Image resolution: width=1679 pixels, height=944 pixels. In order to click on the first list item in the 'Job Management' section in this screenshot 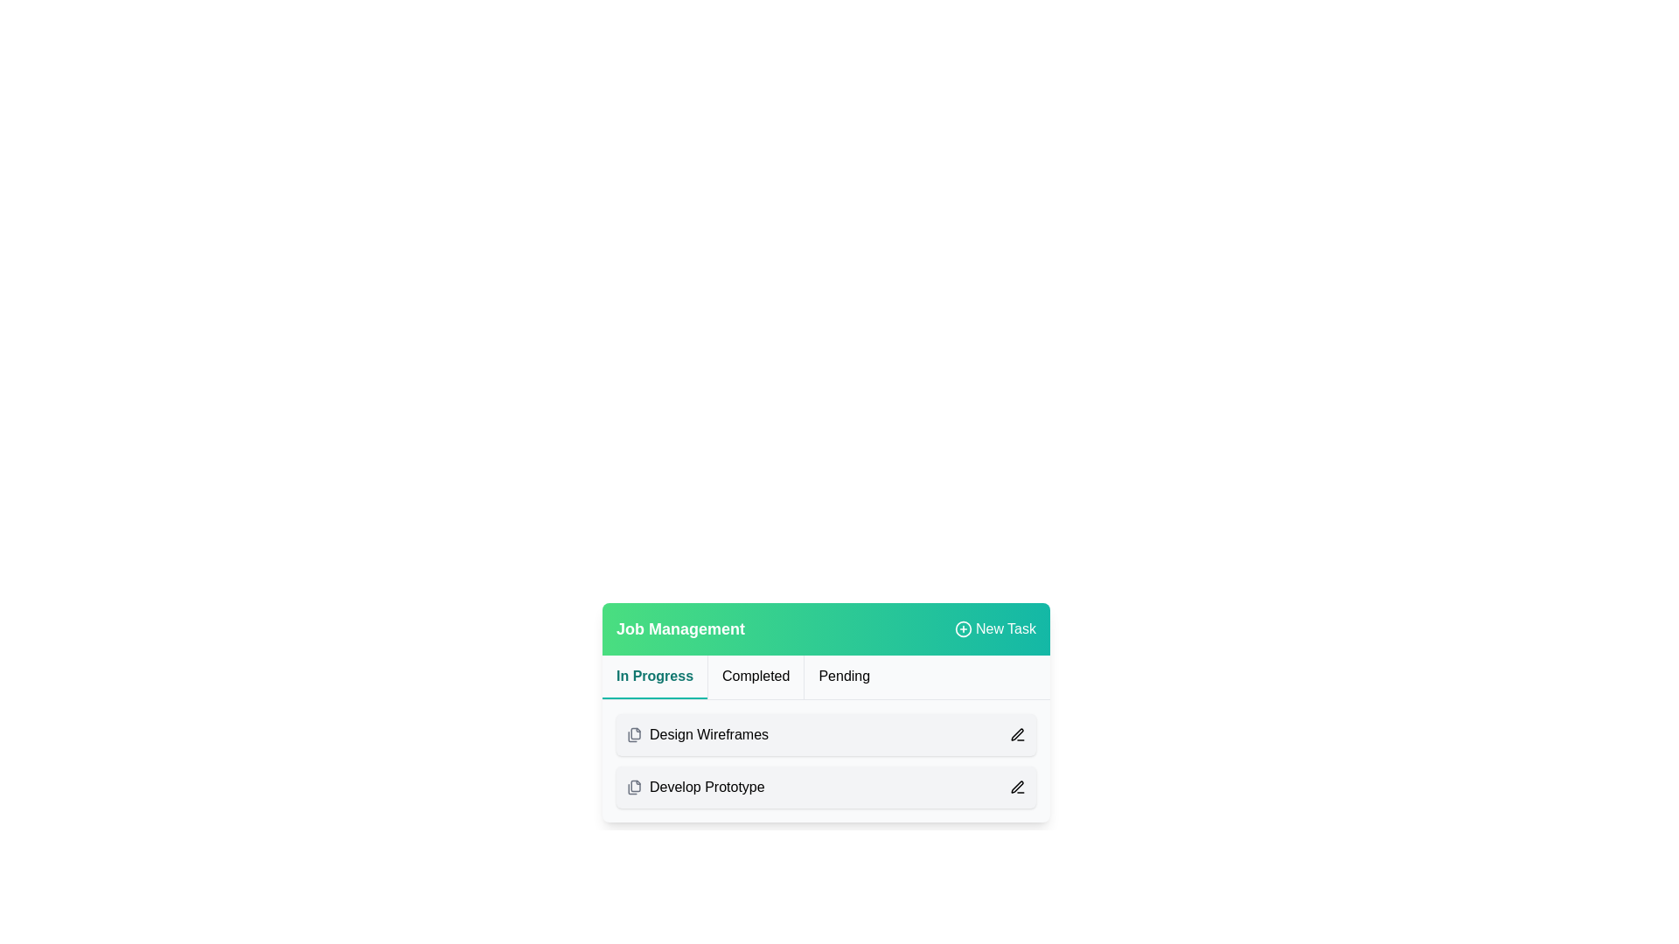, I will do `click(826, 760)`.